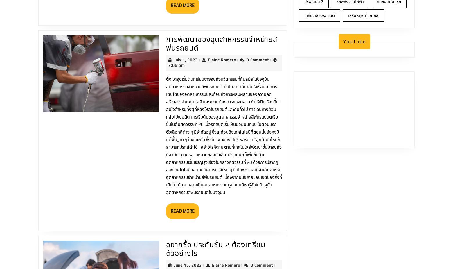 The image size is (453, 269). Describe the element at coordinates (182, 162) in the screenshot. I see `'Read More'` at that location.